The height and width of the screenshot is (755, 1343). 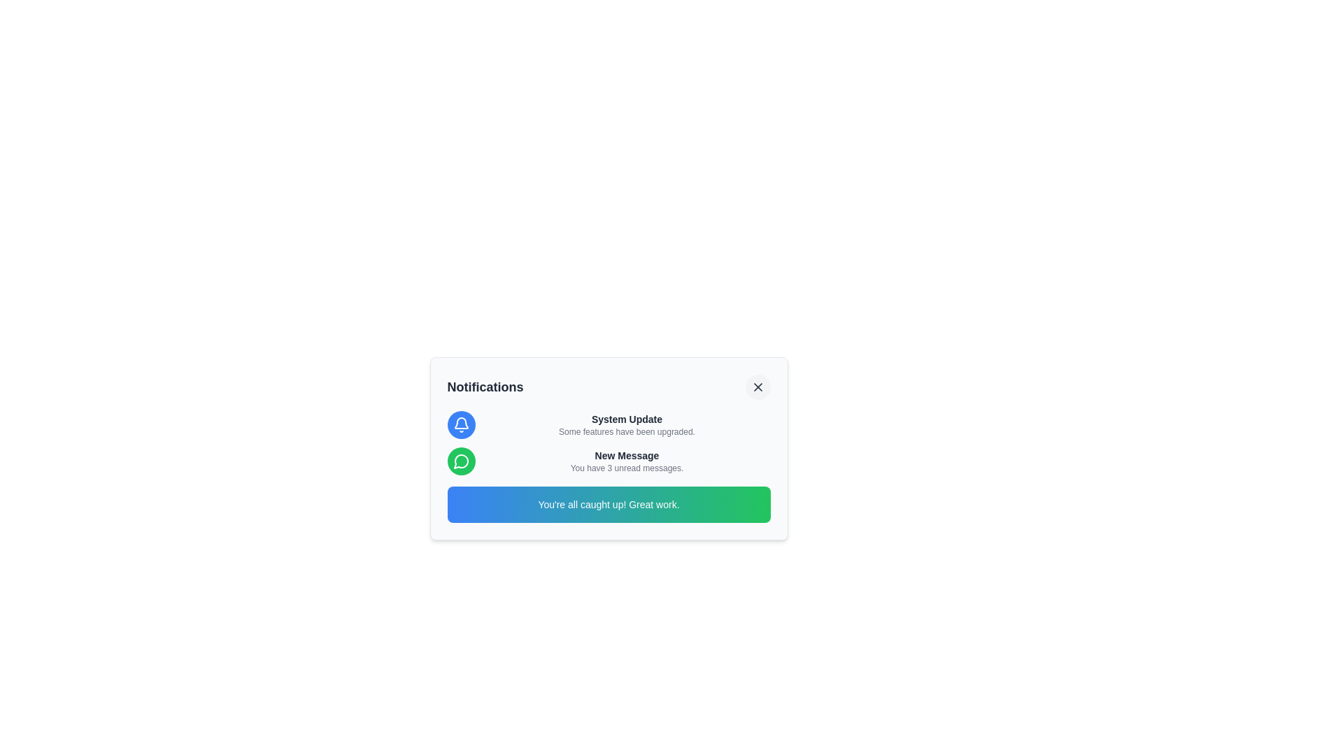 What do you see at coordinates (609, 504) in the screenshot?
I see `the Informational Message Box with the text 'You're all caught up! Great work.' which is located at the bottom of the Notifications card layout` at bounding box center [609, 504].